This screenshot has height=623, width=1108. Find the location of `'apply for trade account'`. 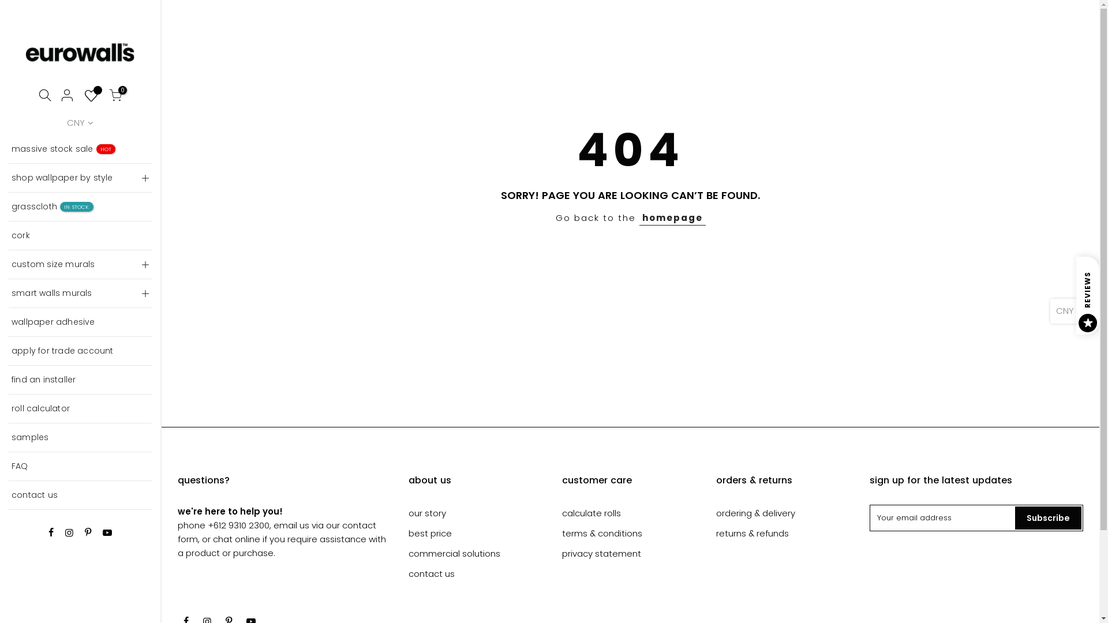

'apply for trade account' is located at coordinates (8, 351).